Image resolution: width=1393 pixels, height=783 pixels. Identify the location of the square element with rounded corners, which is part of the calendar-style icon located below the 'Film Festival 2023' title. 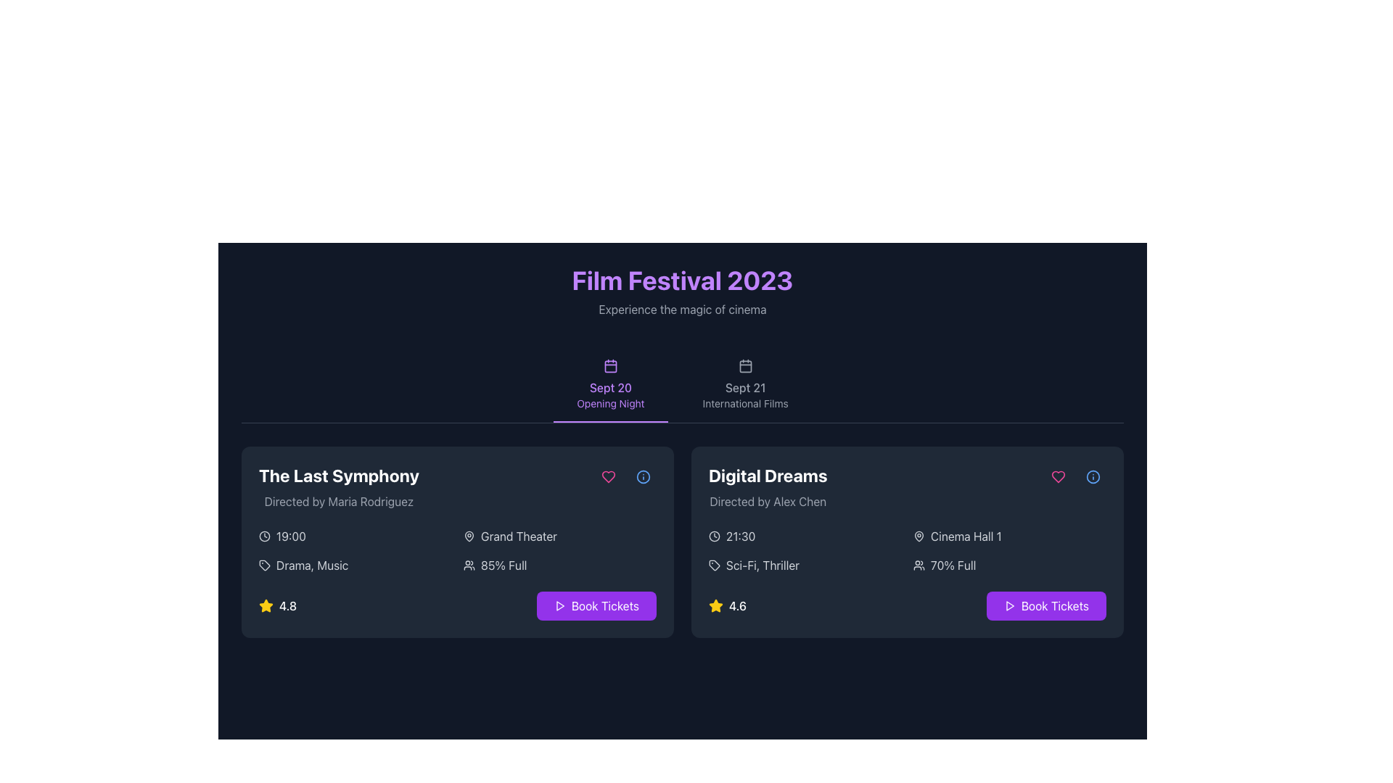
(610, 365).